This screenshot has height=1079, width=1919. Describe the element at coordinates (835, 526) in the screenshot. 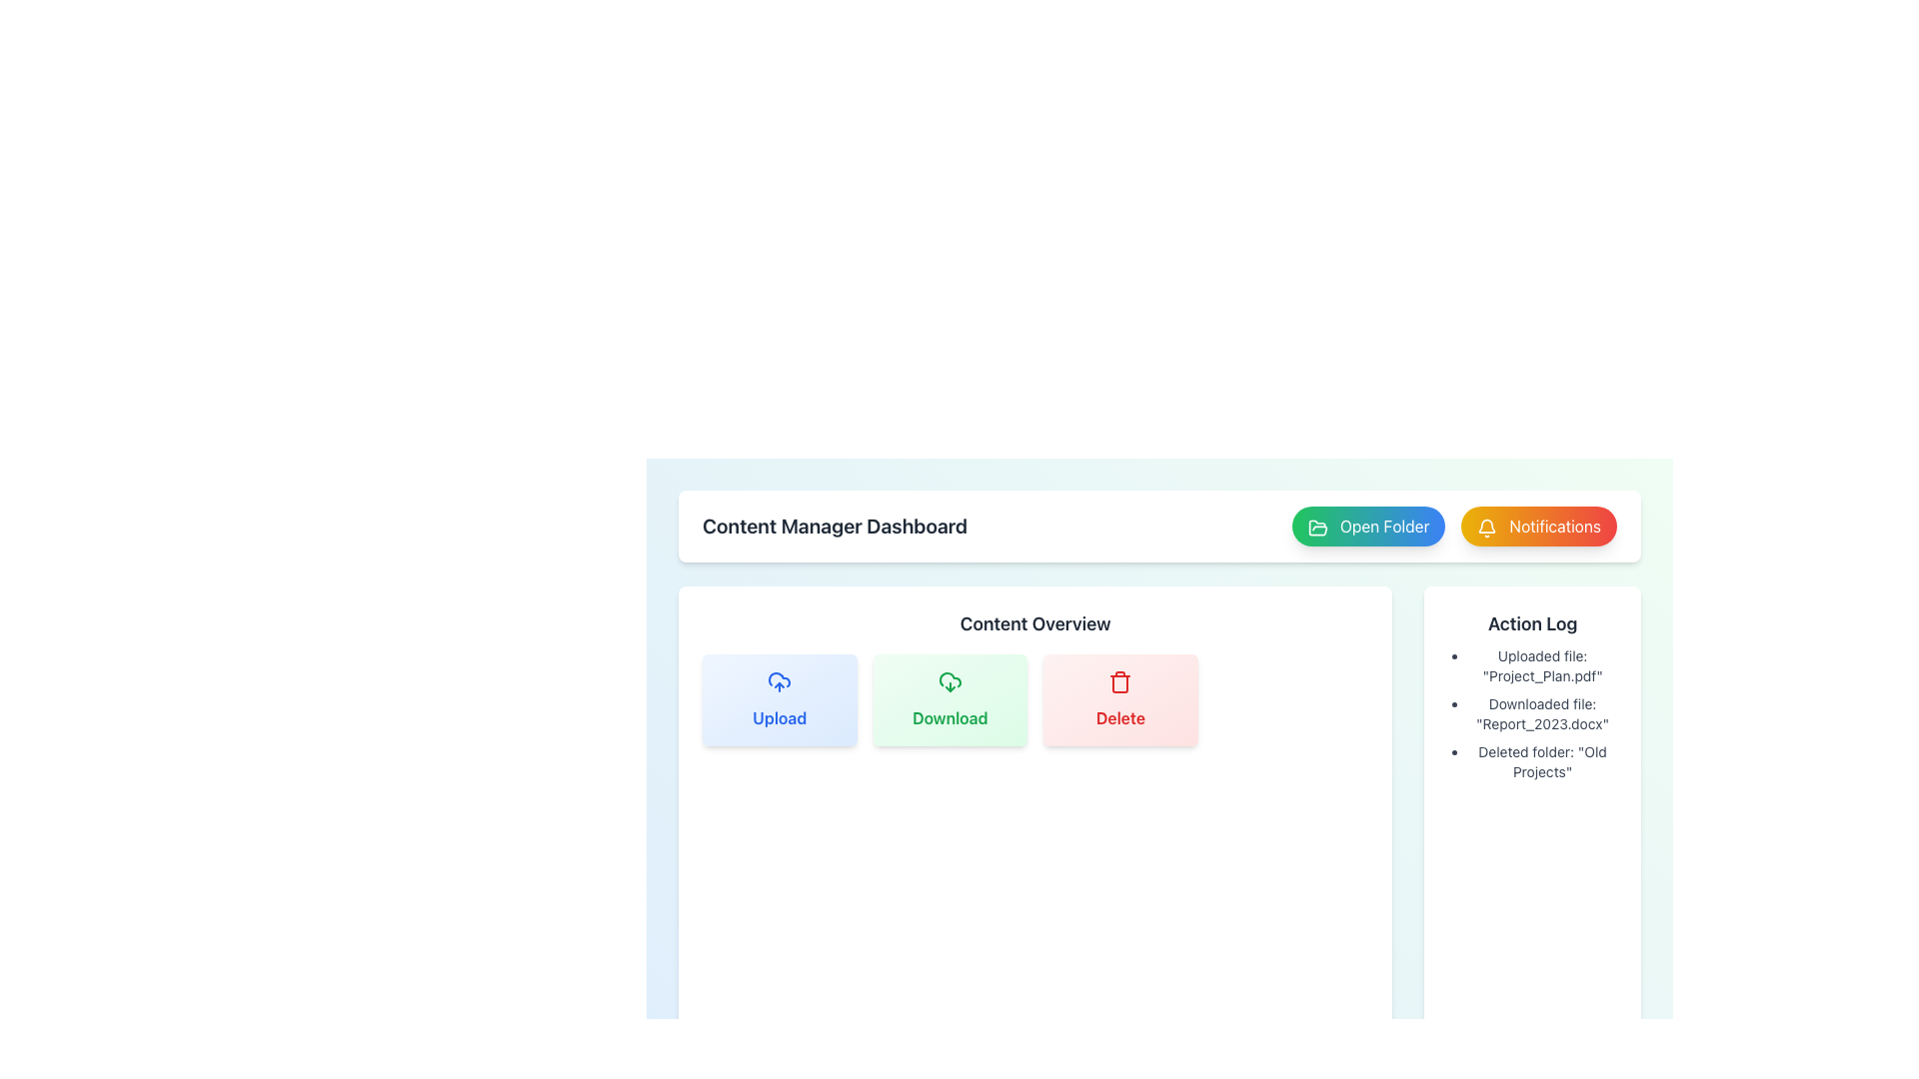

I see `the text label 'Content Manager Dashboard' which is styled with large, bold, and dark text, positioned in the header section above 'Content Overview' and 'Action Log'` at that location.